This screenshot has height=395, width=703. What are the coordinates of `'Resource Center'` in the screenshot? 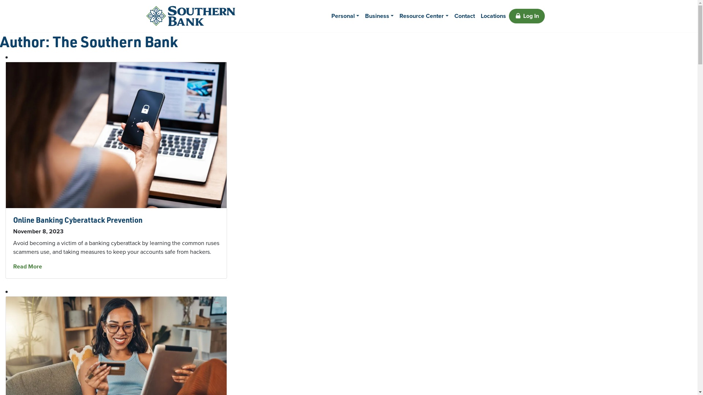 It's located at (424, 16).